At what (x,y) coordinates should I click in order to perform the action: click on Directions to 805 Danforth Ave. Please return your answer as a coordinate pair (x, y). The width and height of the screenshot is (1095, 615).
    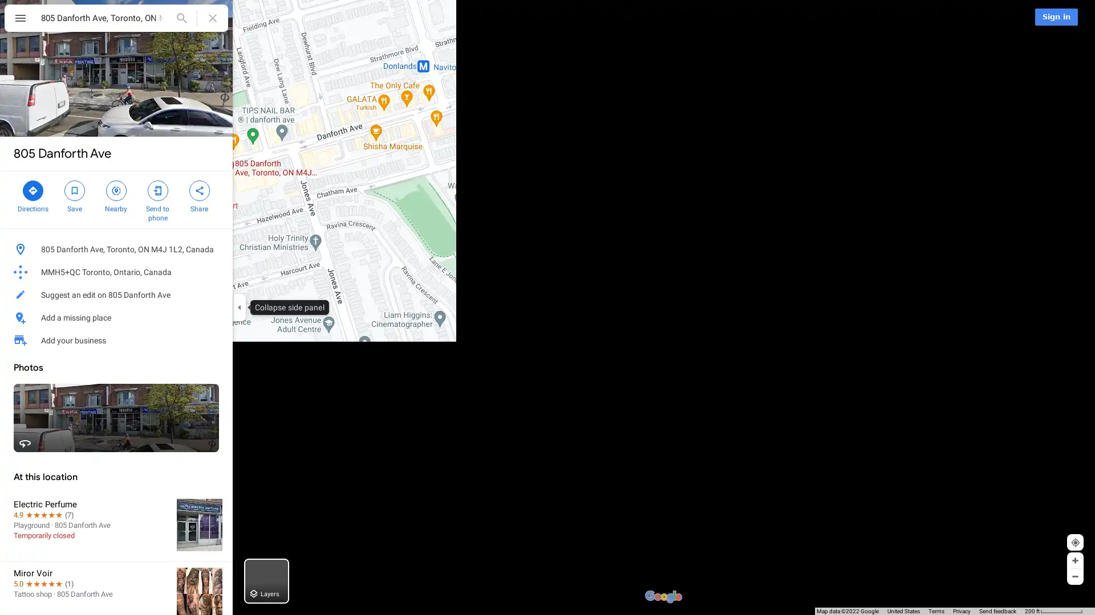
    Looking at the image, I should click on (33, 195).